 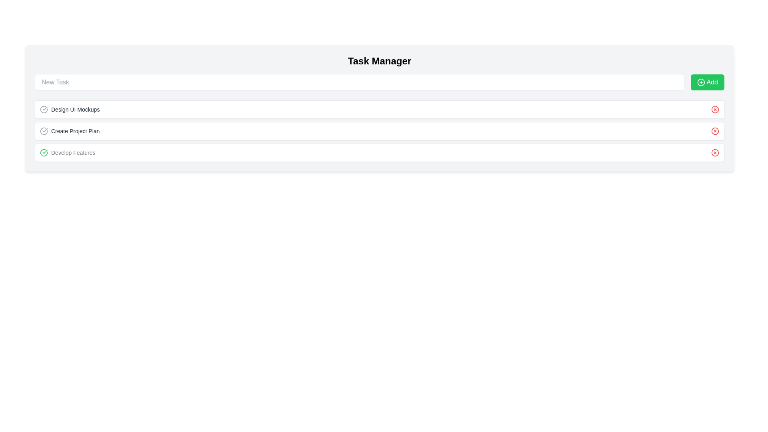 I want to click on the circular delete icon with a small 'X' in the center, located at the rightmost position of the second task item labeled 'Create Project Plan', so click(x=715, y=109).